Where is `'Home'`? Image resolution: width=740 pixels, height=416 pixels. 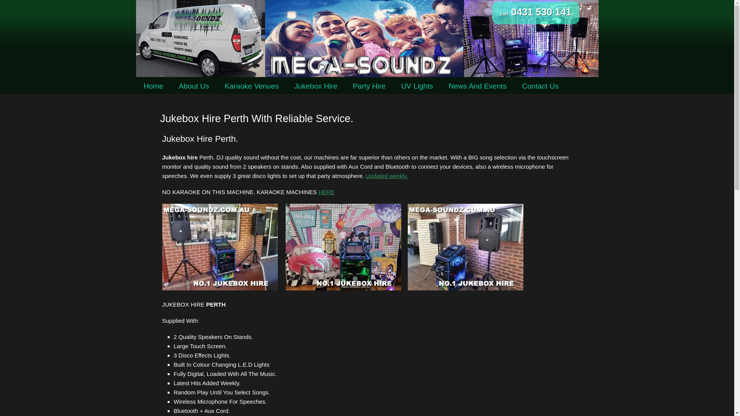
'Home' is located at coordinates (135, 86).